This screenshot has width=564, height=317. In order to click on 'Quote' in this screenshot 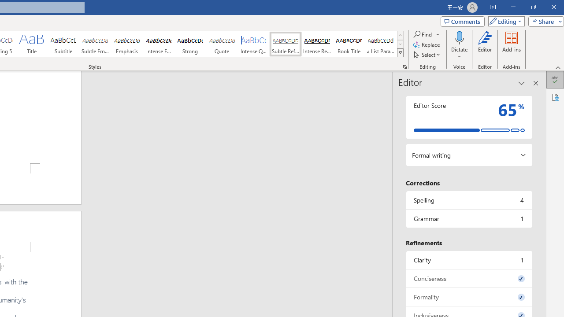, I will do `click(222, 44)`.